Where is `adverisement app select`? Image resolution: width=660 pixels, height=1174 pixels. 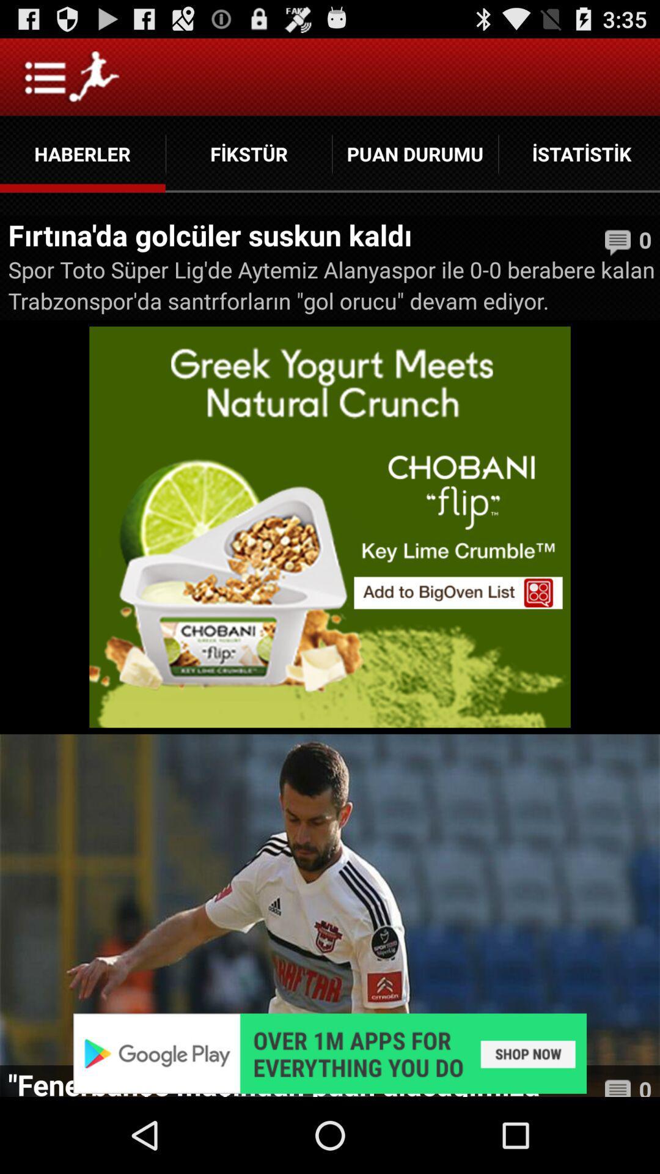 adverisement app select is located at coordinates (330, 1053).